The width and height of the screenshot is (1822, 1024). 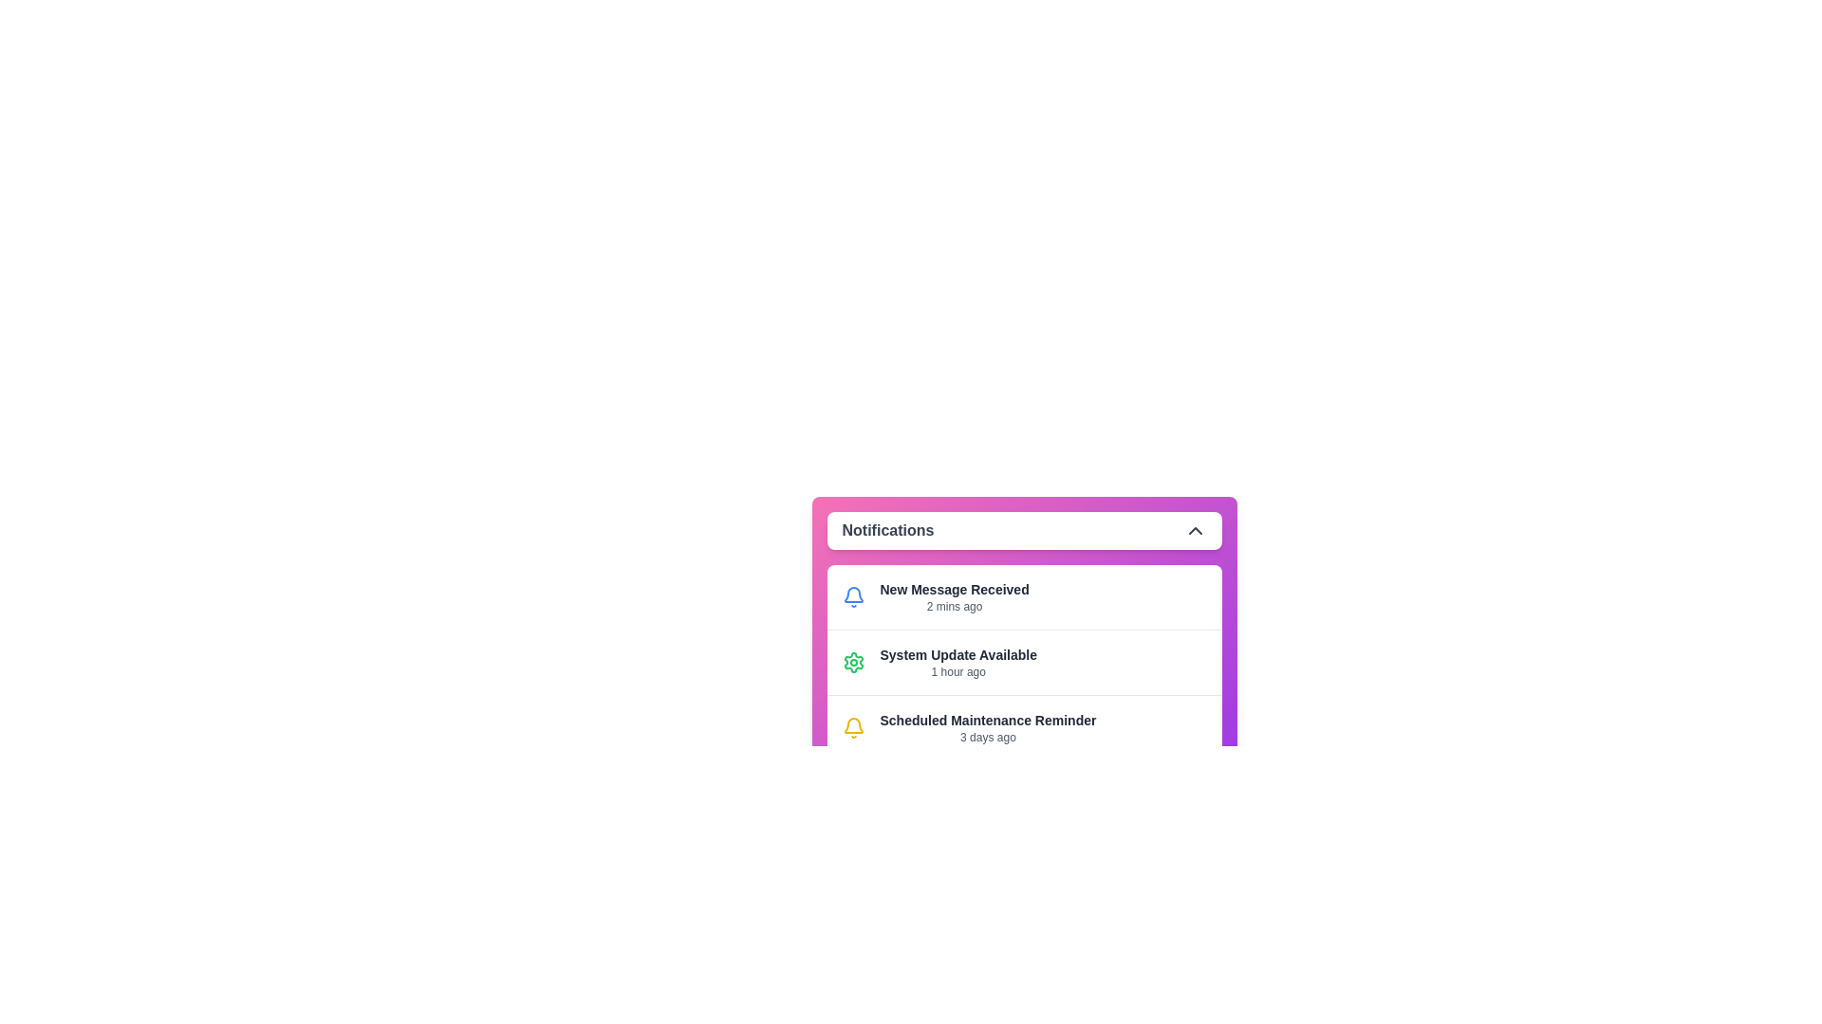 I want to click on the first notification item in the notifications list to read the notification details, so click(x=1023, y=595).